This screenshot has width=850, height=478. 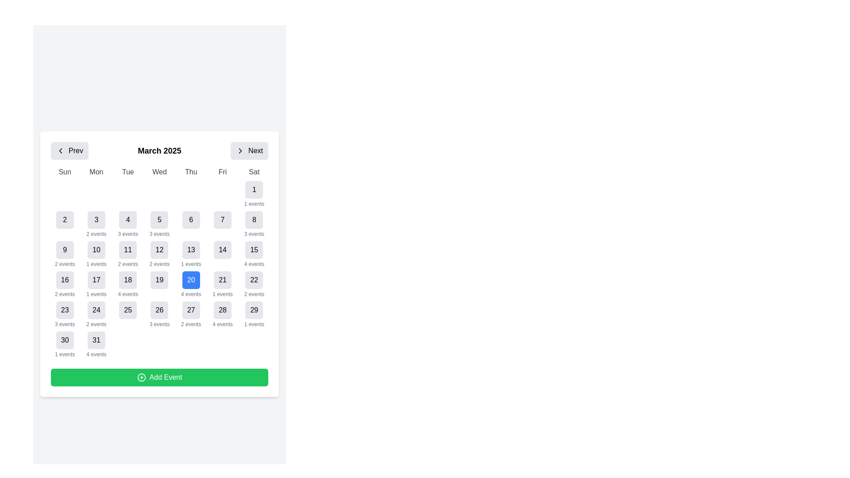 What do you see at coordinates (127, 264) in the screenshot?
I see `the text label displaying '2 events' in a small gray font, located below the date label '11' in the calendar interface` at bounding box center [127, 264].